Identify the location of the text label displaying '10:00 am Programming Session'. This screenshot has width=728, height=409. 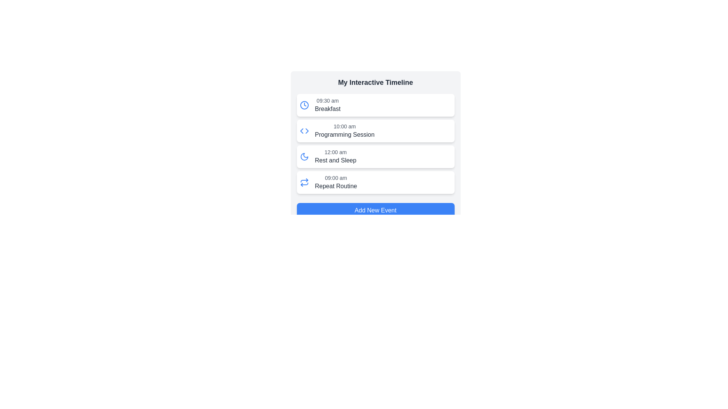
(344, 131).